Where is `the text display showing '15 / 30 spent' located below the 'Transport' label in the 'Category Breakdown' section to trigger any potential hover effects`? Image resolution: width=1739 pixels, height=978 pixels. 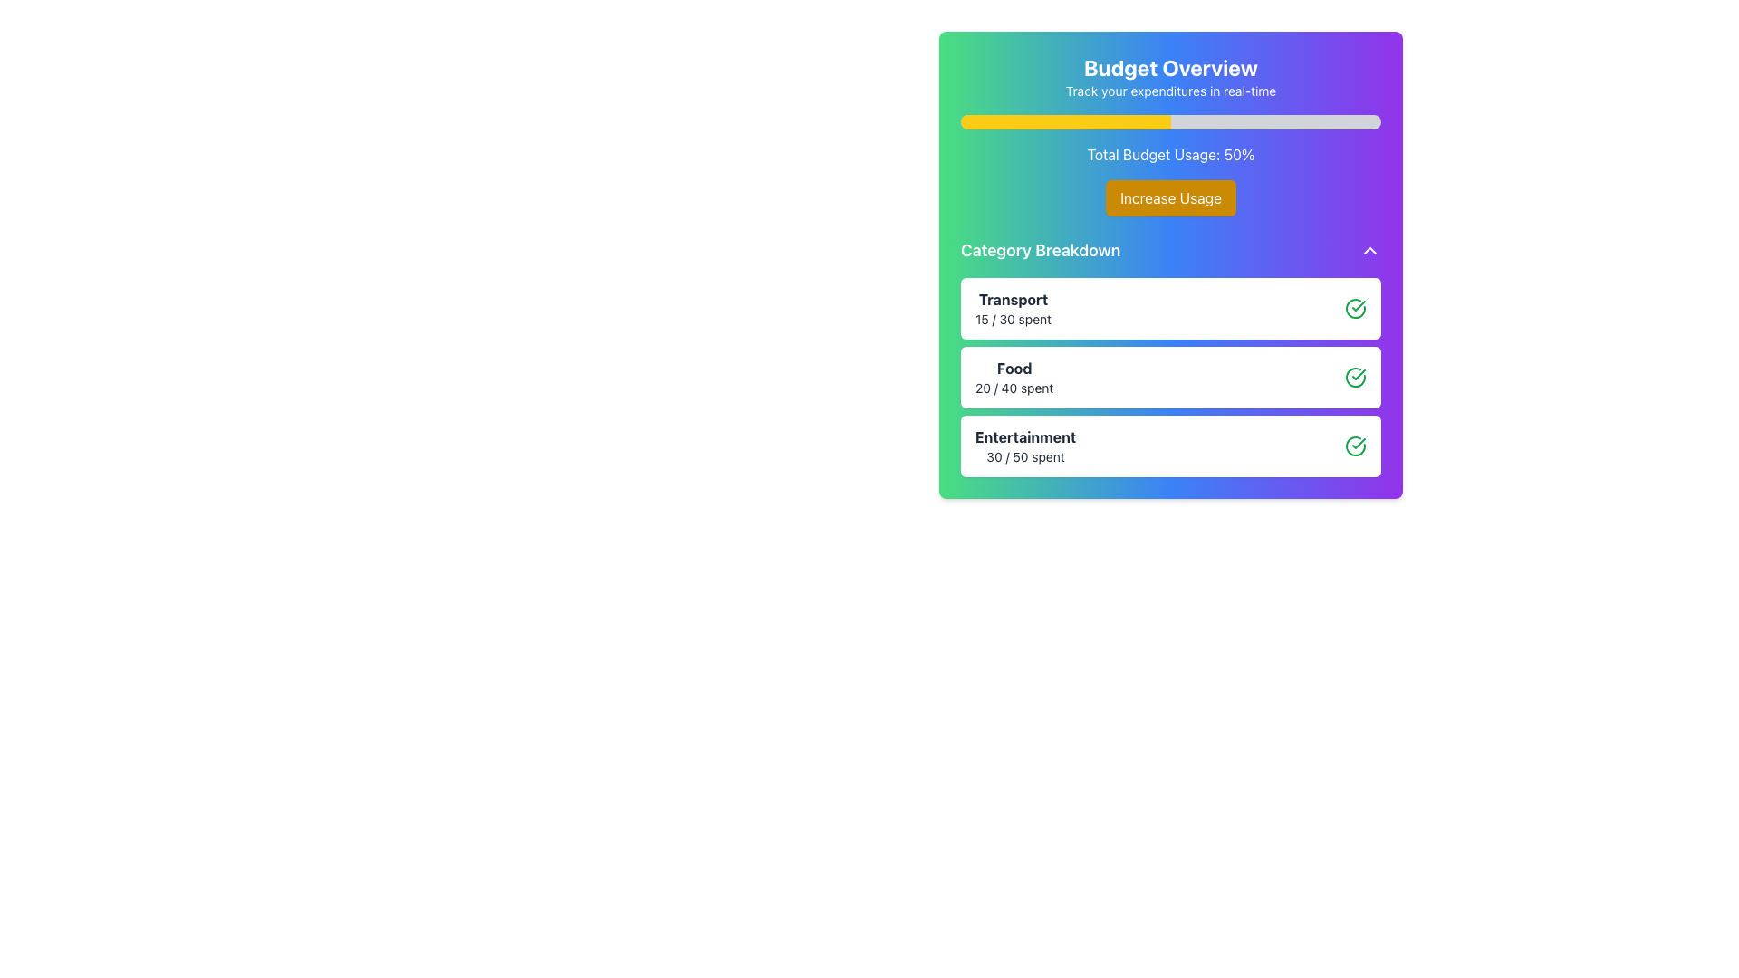
the text display showing '15 / 30 spent' located below the 'Transport' label in the 'Category Breakdown' section to trigger any potential hover effects is located at coordinates (1012, 319).